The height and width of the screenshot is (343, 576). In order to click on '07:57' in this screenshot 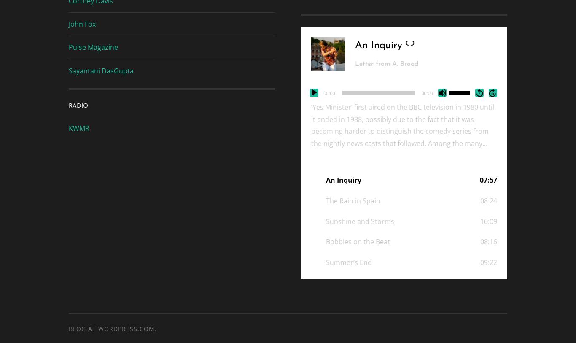, I will do `click(488, 180)`.